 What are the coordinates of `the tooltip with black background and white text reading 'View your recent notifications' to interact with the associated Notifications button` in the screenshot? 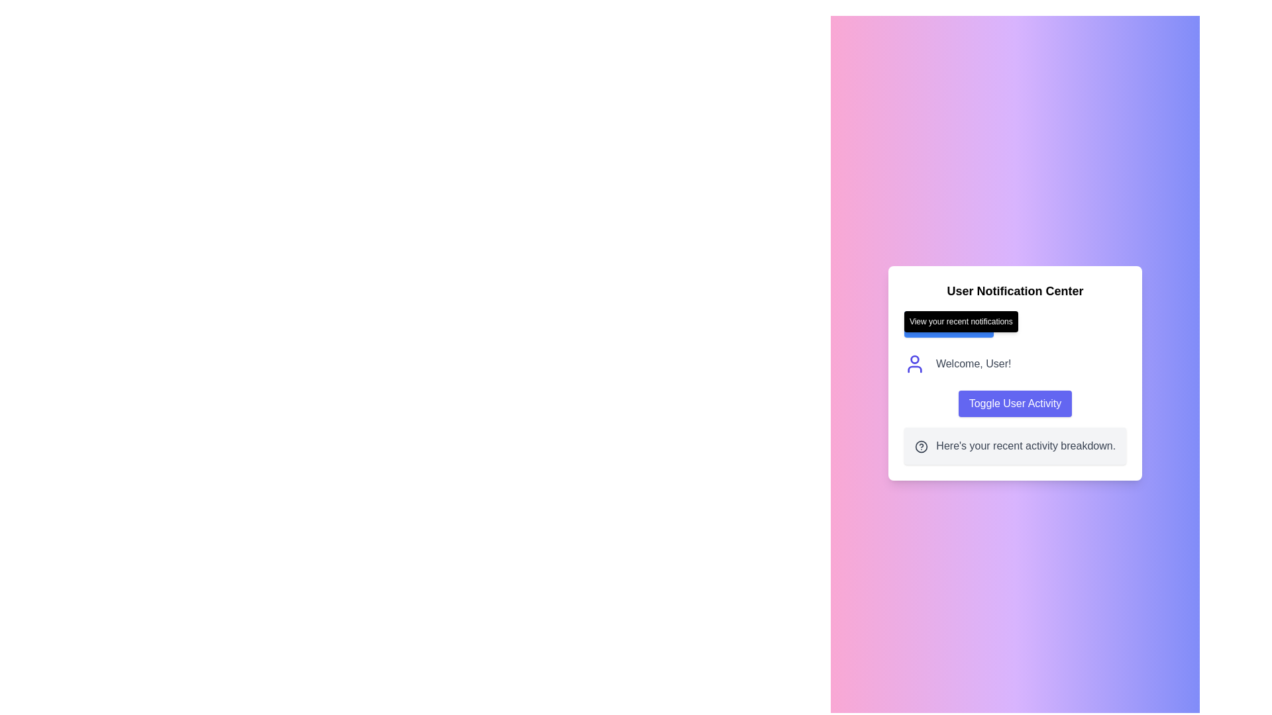 It's located at (1014, 324).